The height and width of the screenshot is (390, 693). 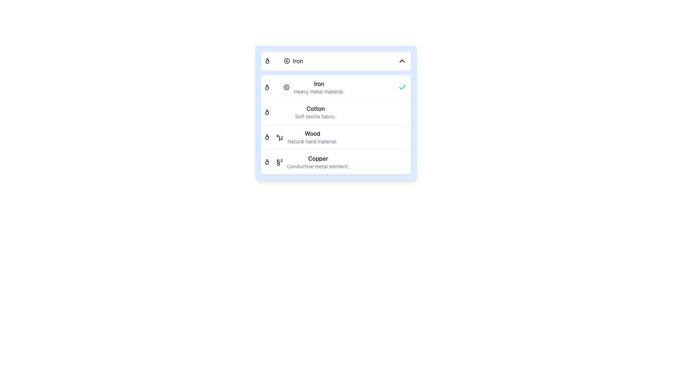 What do you see at coordinates (335, 113) in the screenshot?
I see `to select the 'Cotton' item, which is the second row in a list featuring a bold title and an emoji on the left` at bounding box center [335, 113].